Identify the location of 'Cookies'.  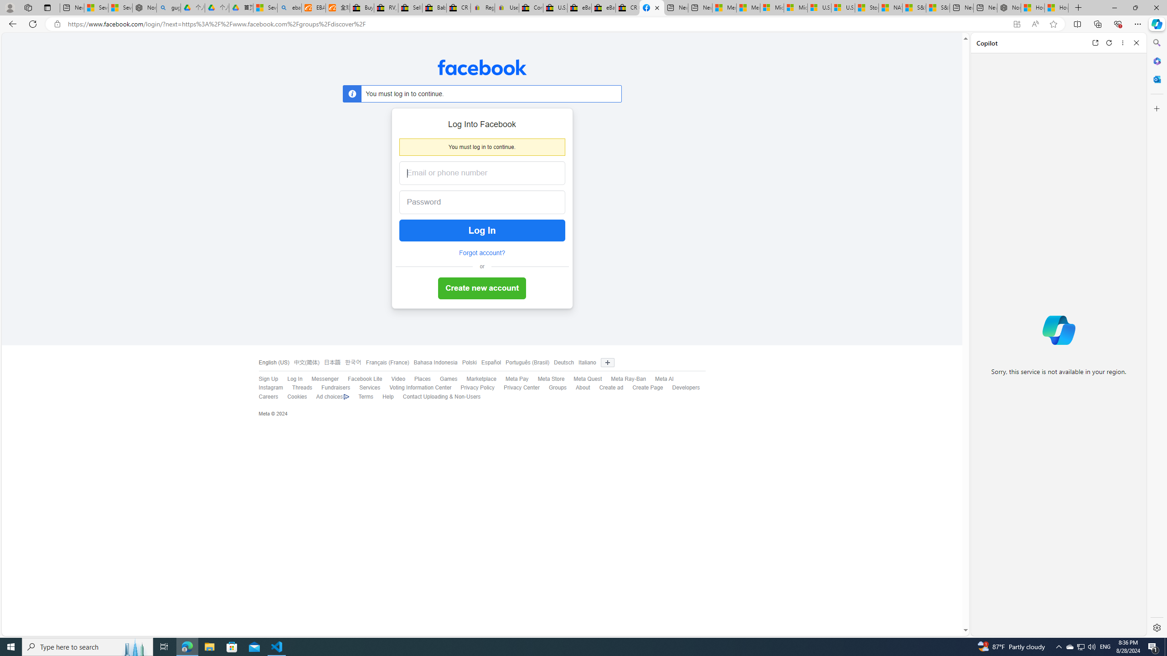
(297, 396).